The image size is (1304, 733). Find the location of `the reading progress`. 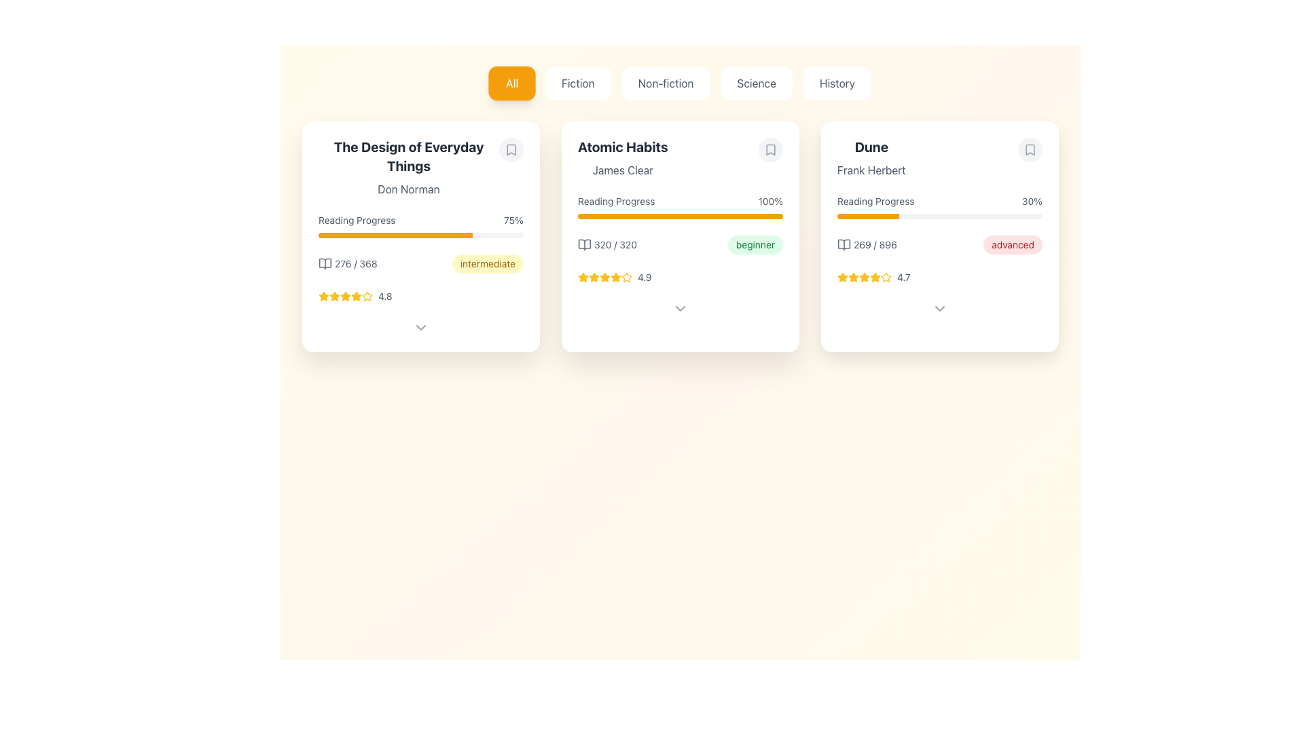

the reading progress is located at coordinates (896, 216).